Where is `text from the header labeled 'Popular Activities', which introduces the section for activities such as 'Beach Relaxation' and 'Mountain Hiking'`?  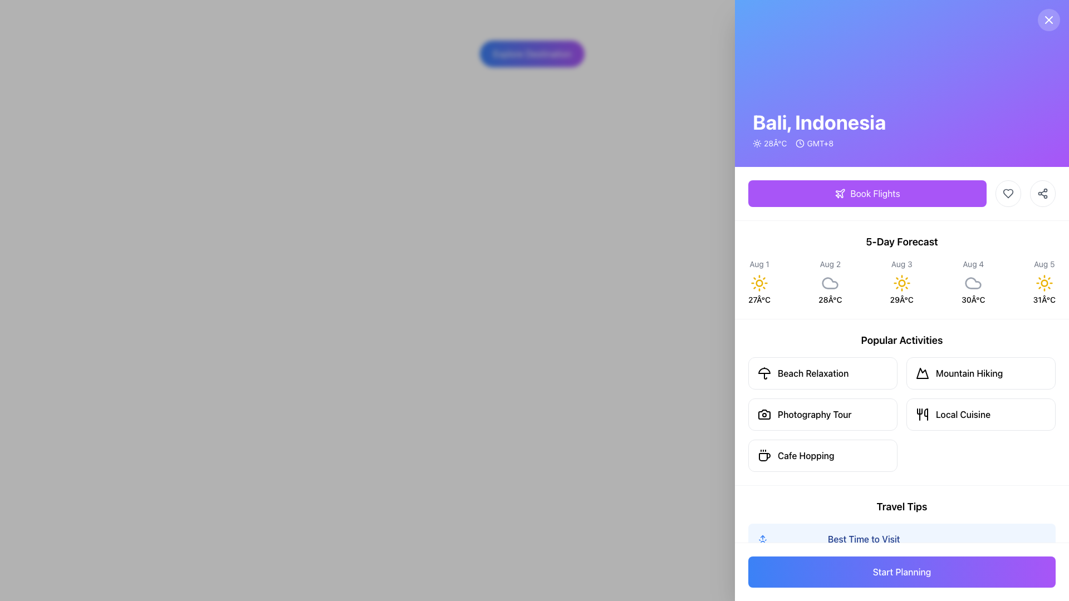 text from the header labeled 'Popular Activities', which introduces the section for activities such as 'Beach Relaxation' and 'Mountain Hiking' is located at coordinates (902, 340).